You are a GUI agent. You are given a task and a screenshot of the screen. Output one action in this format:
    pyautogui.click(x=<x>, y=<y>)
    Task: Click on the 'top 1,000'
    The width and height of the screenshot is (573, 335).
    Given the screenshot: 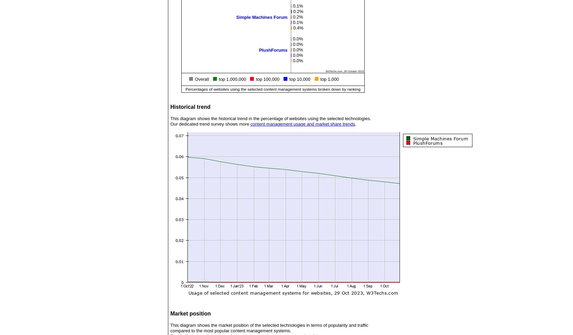 What is the action you would take?
    pyautogui.click(x=329, y=79)
    